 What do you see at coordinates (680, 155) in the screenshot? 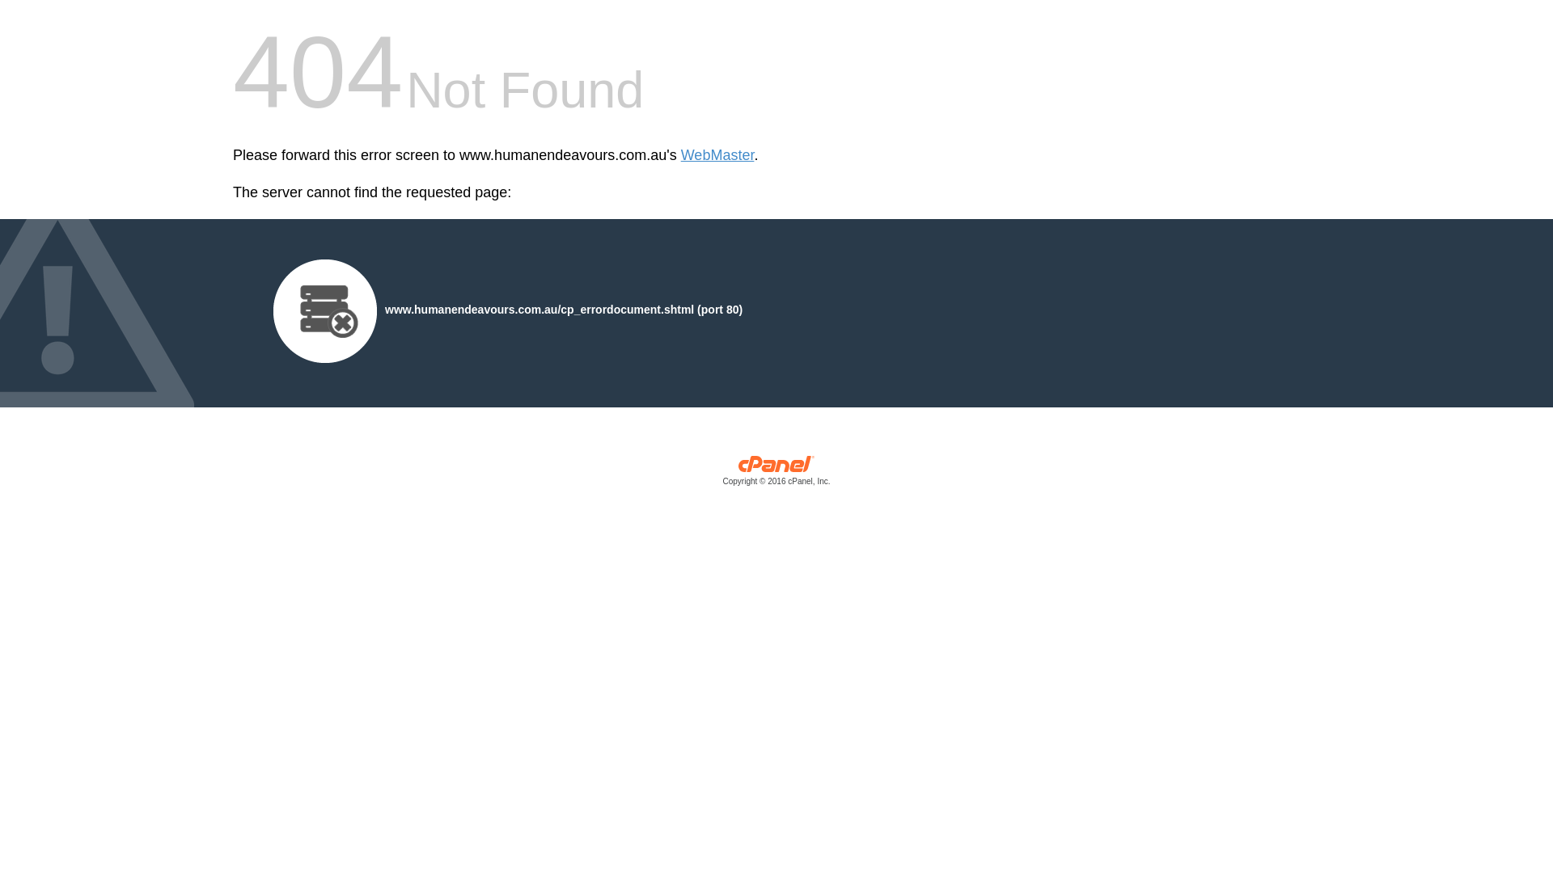
I see `'WebMaster'` at bounding box center [680, 155].